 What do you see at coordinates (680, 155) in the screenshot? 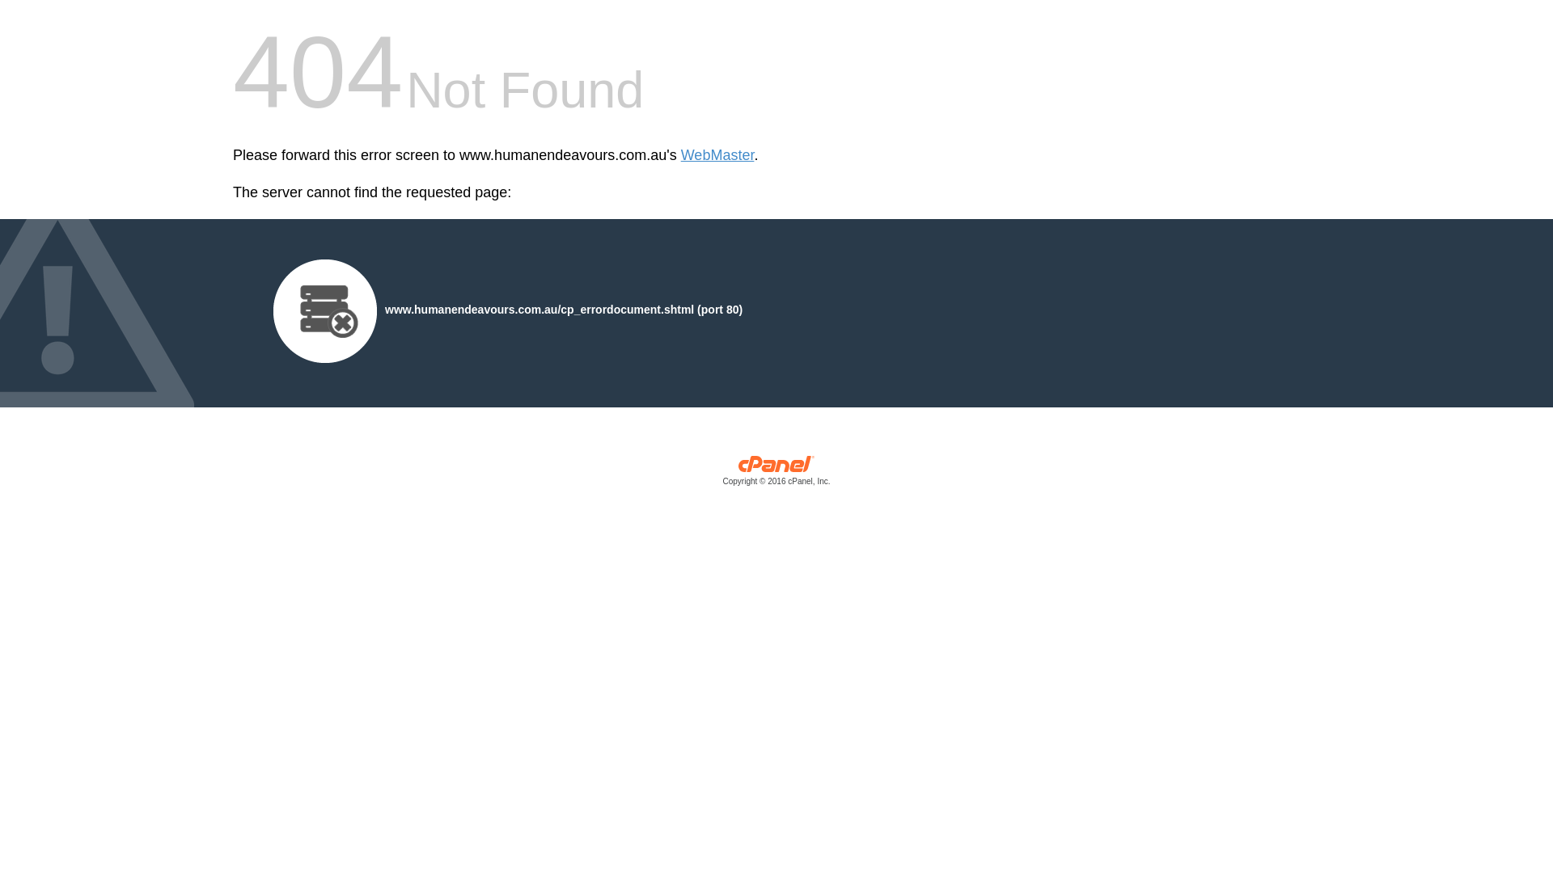
I see `'WebMaster'` at bounding box center [680, 155].